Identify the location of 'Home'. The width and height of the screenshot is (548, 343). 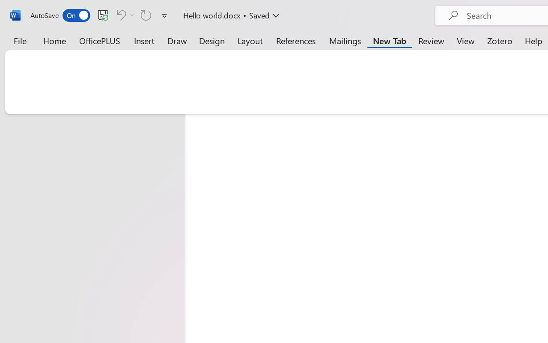
(54, 40).